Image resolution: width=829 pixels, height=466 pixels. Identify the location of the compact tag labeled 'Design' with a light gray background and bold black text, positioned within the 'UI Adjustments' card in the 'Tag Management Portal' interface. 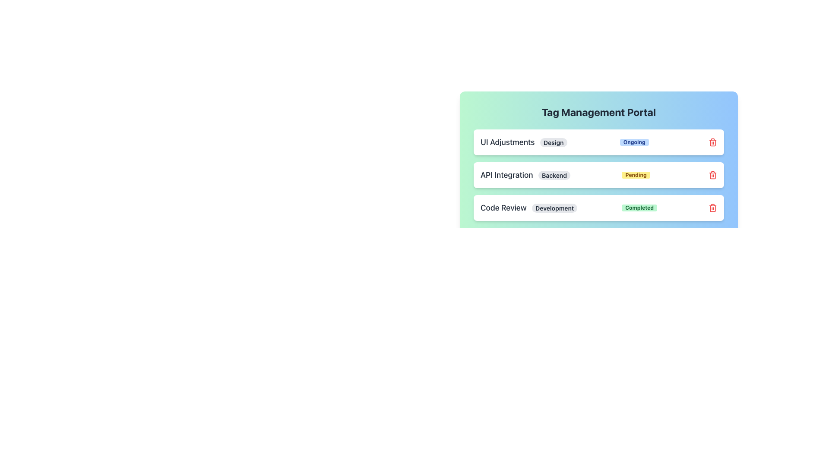
(554, 142).